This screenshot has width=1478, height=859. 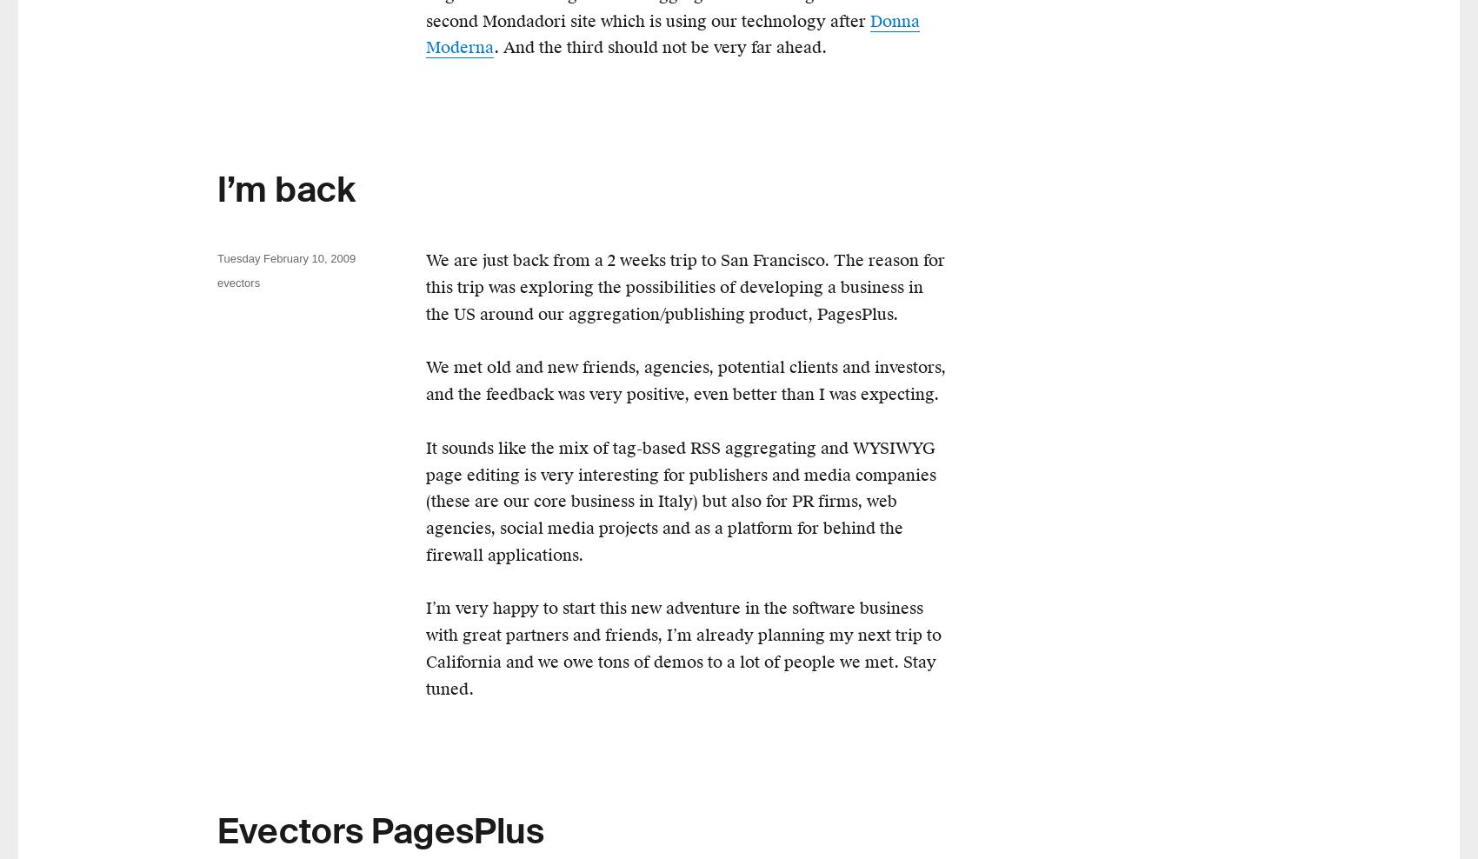 What do you see at coordinates (238, 283) in the screenshot?
I see `'evectors'` at bounding box center [238, 283].